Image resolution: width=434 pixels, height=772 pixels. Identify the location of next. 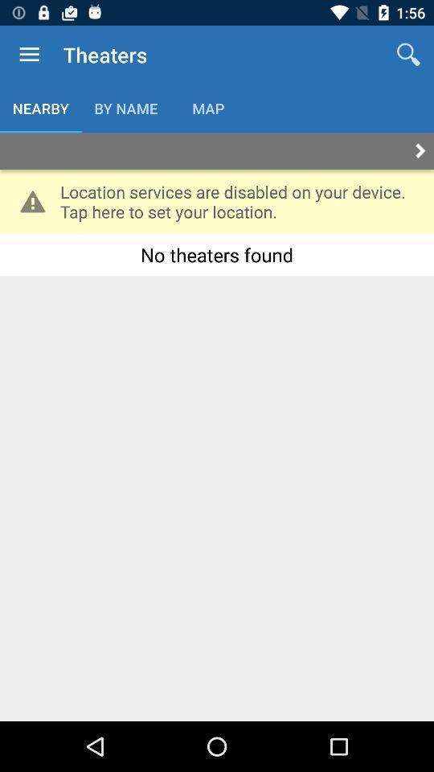
(217, 151).